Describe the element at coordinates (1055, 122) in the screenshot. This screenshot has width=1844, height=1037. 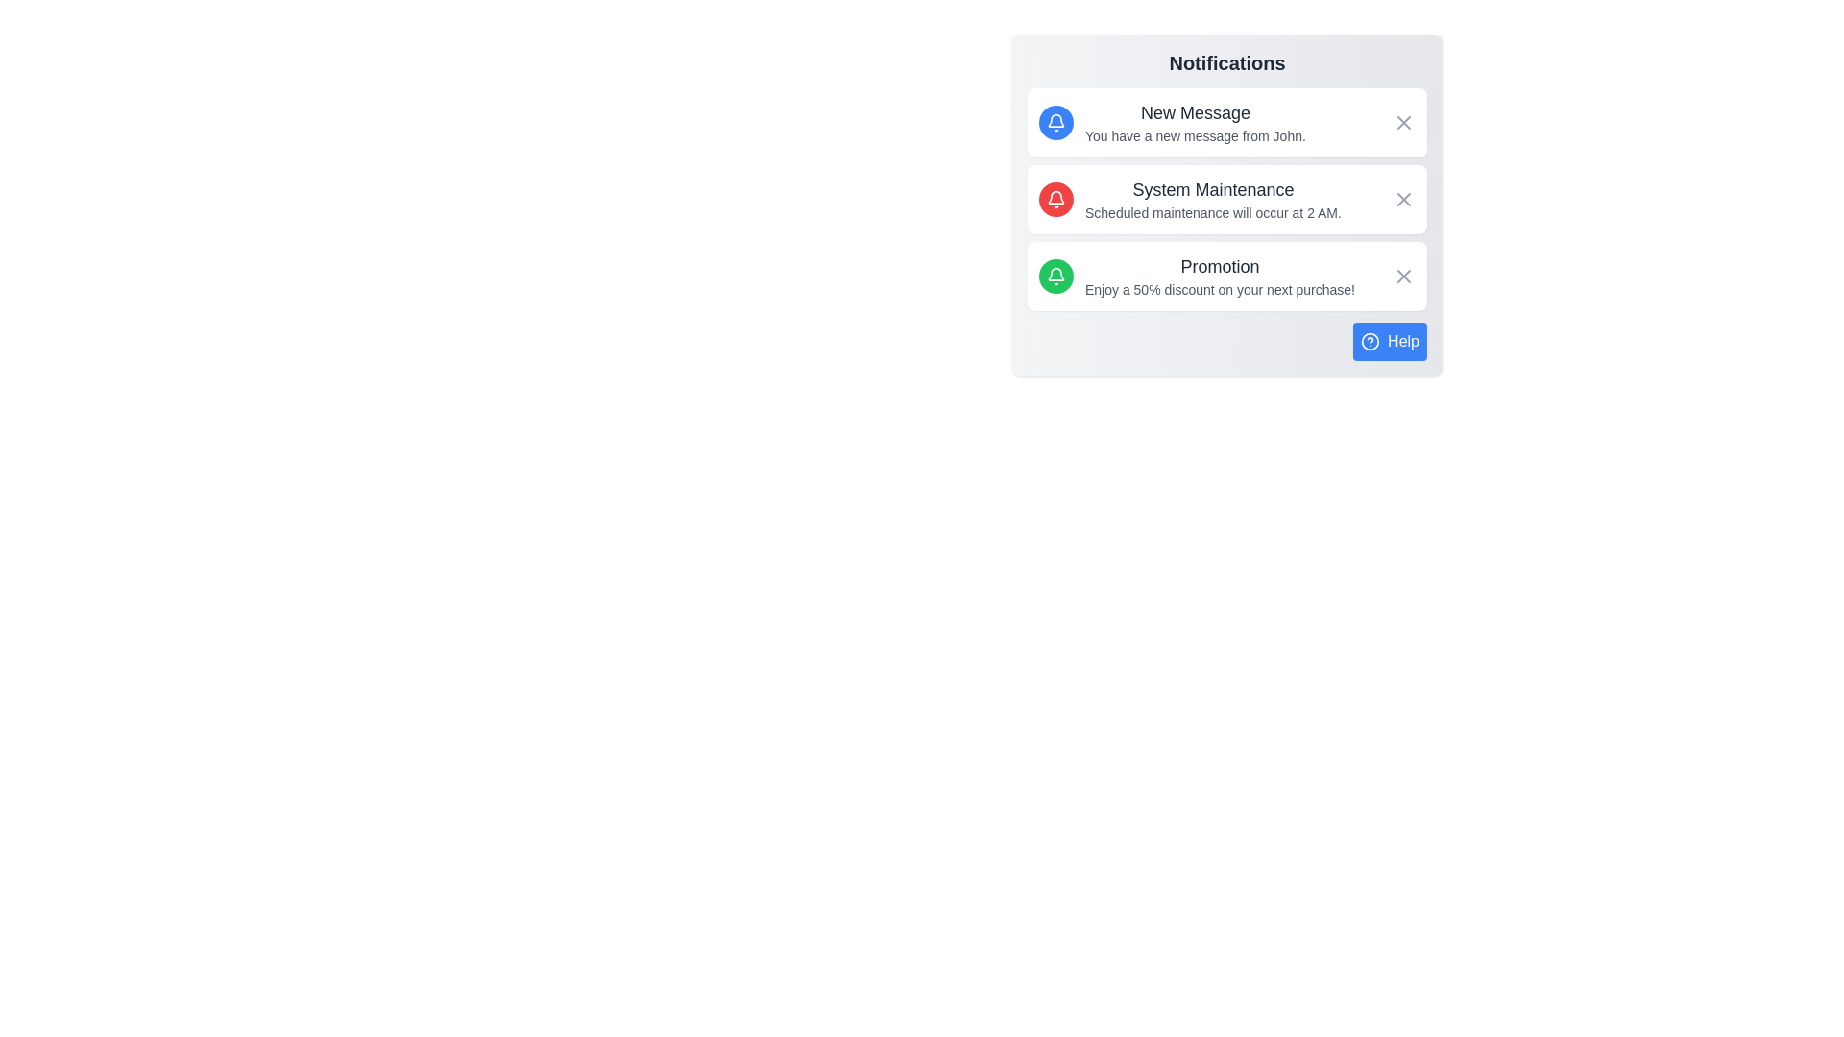
I see `the 'New Message' notification icon located at the top left corner of the first notification item in the notification list` at that location.